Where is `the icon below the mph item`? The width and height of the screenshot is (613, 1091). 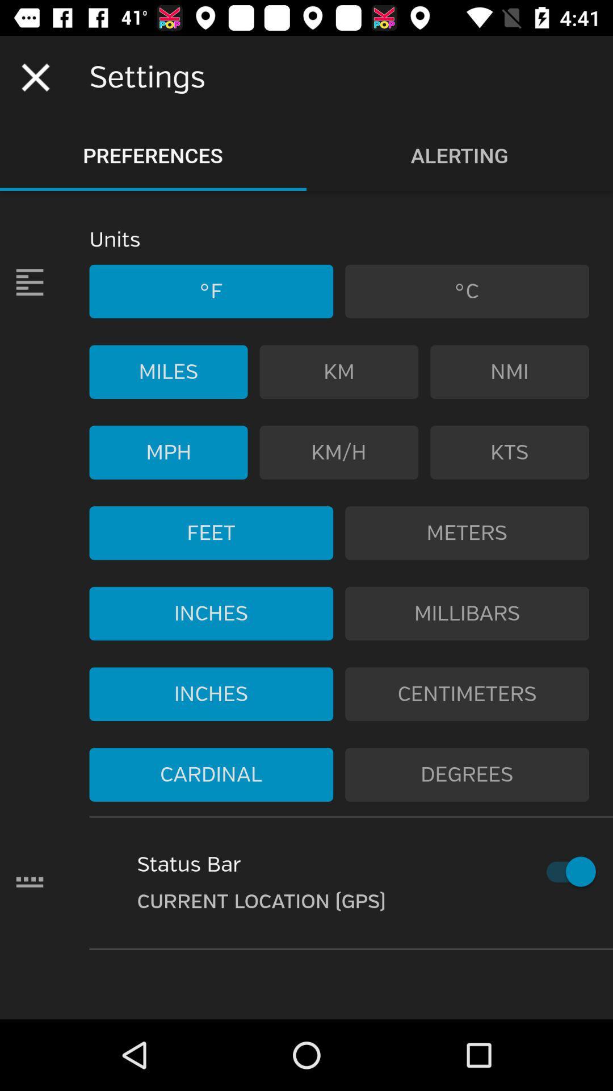
the icon below the mph item is located at coordinates (211, 532).